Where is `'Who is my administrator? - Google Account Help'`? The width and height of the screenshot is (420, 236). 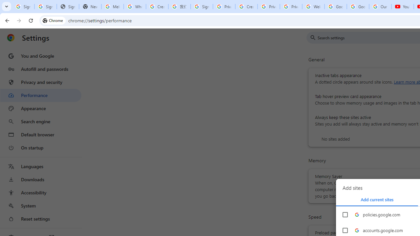 'Who is my administrator? - Google Account Help' is located at coordinates (135, 7).